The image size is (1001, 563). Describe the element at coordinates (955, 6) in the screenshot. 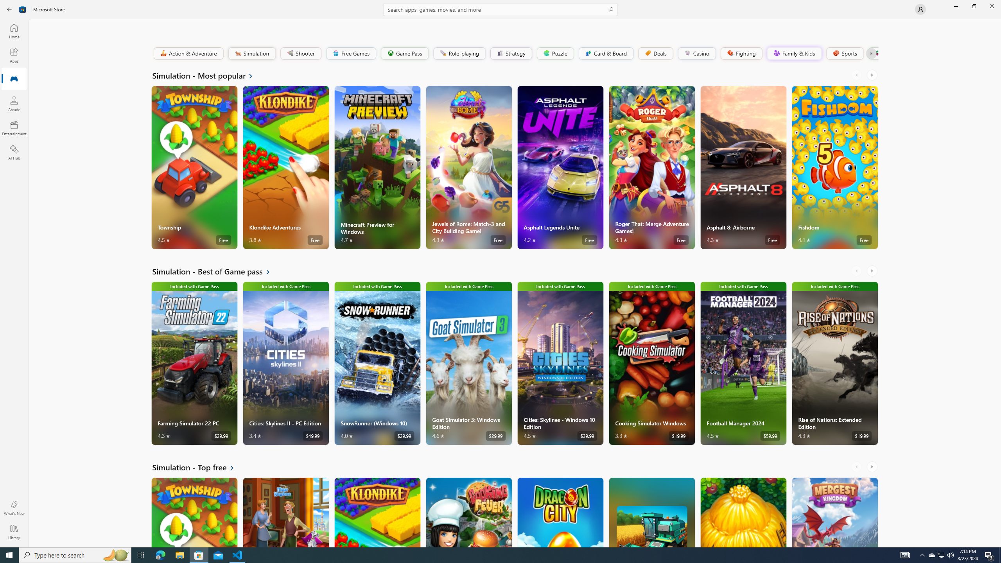

I see `'Minimize Microsoft Store'` at that location.